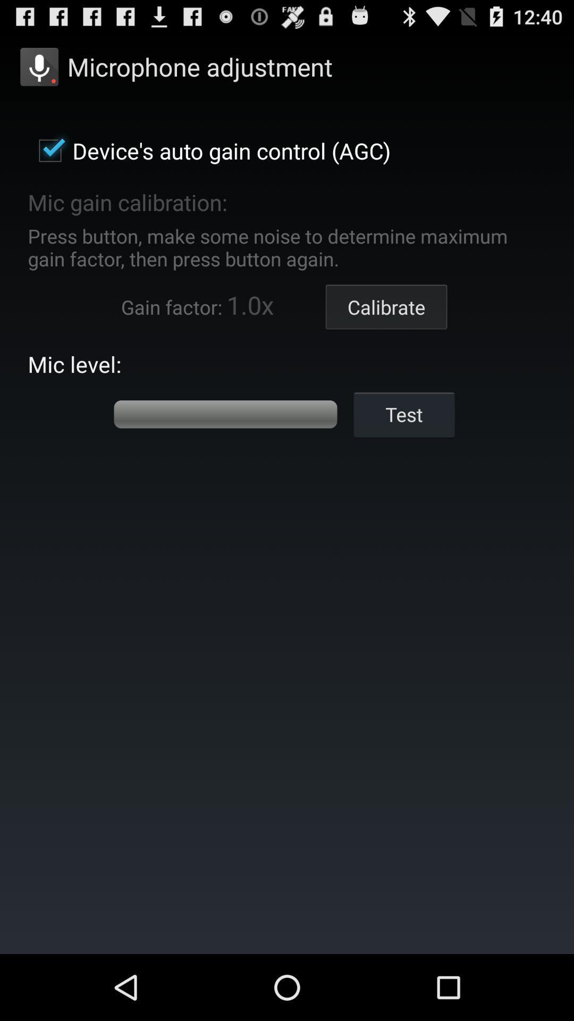 This screenshot has height=1021, width=574. Describe the element at coordinates (404, 414) in the screenshot. I see `the item below the calibrate item` at that location.